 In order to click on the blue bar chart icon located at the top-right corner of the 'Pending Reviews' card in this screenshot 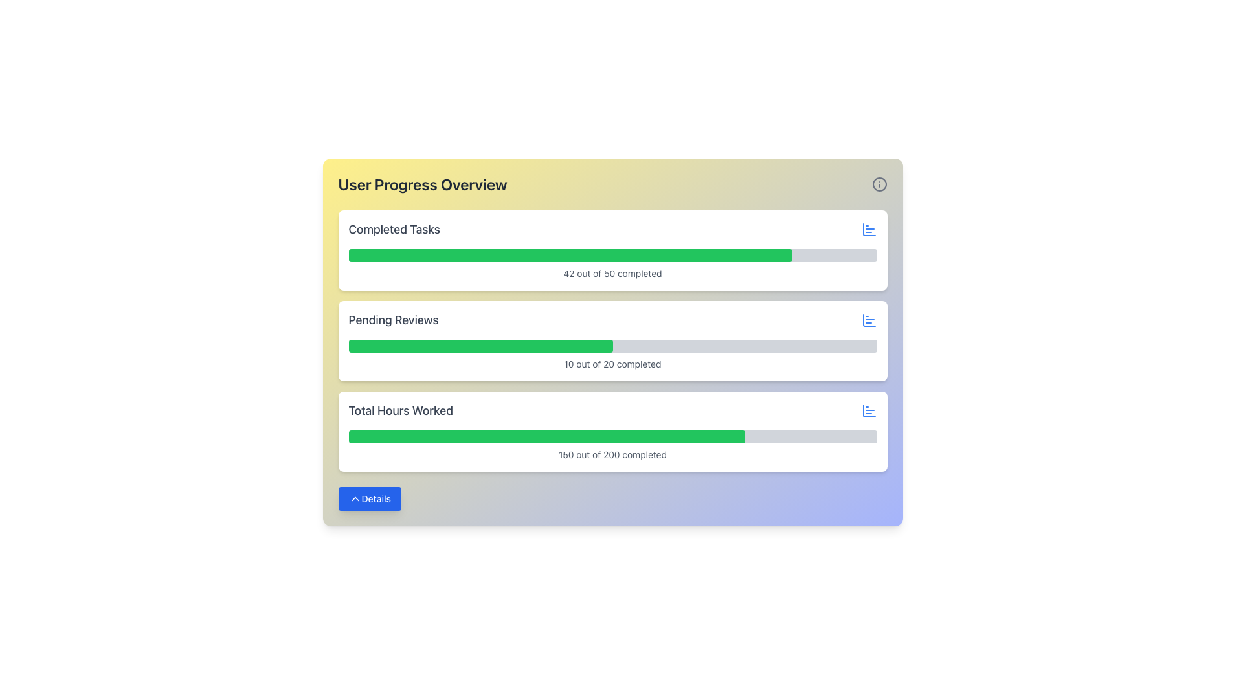, I will do `click(869, 320)`.